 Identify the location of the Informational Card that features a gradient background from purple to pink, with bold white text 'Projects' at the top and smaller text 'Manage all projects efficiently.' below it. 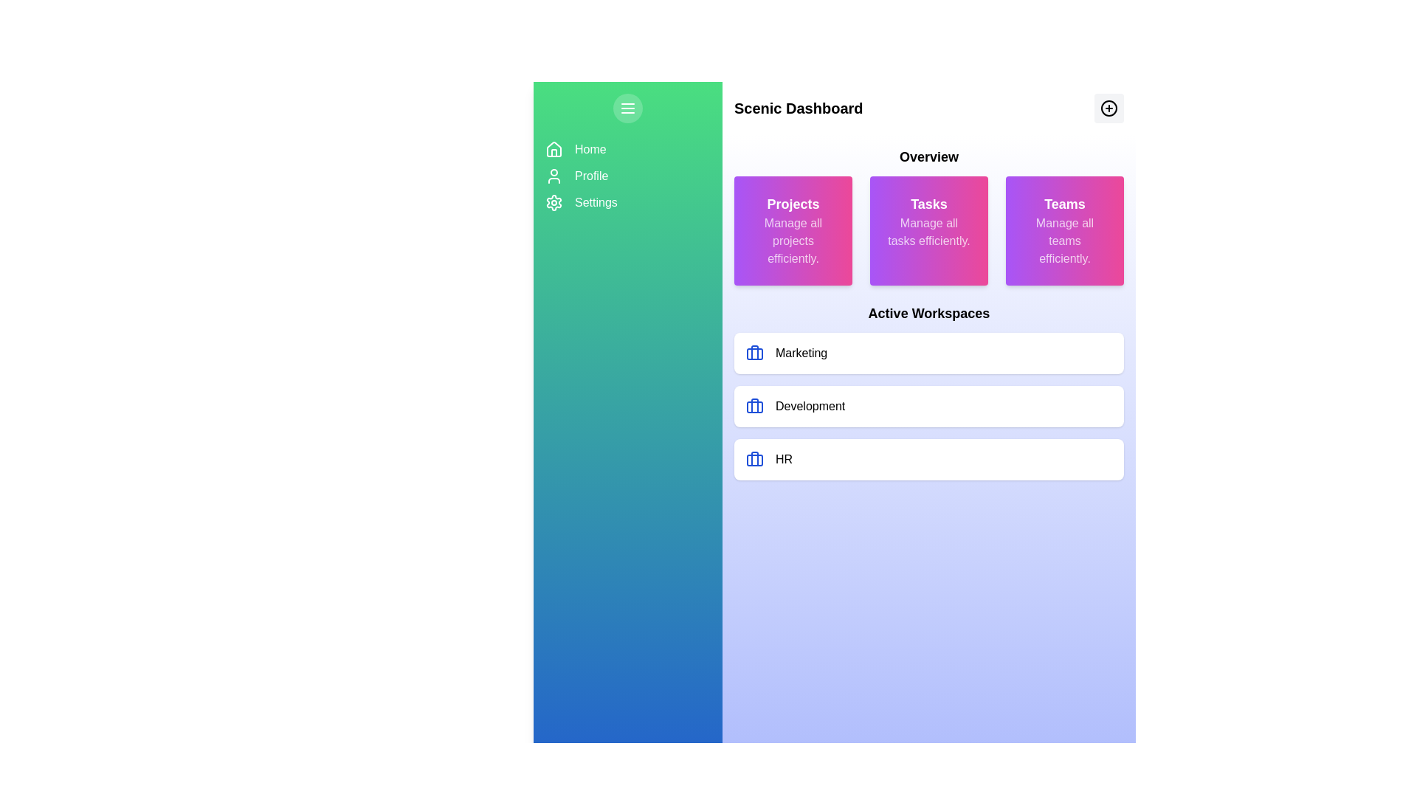
(793, 230).